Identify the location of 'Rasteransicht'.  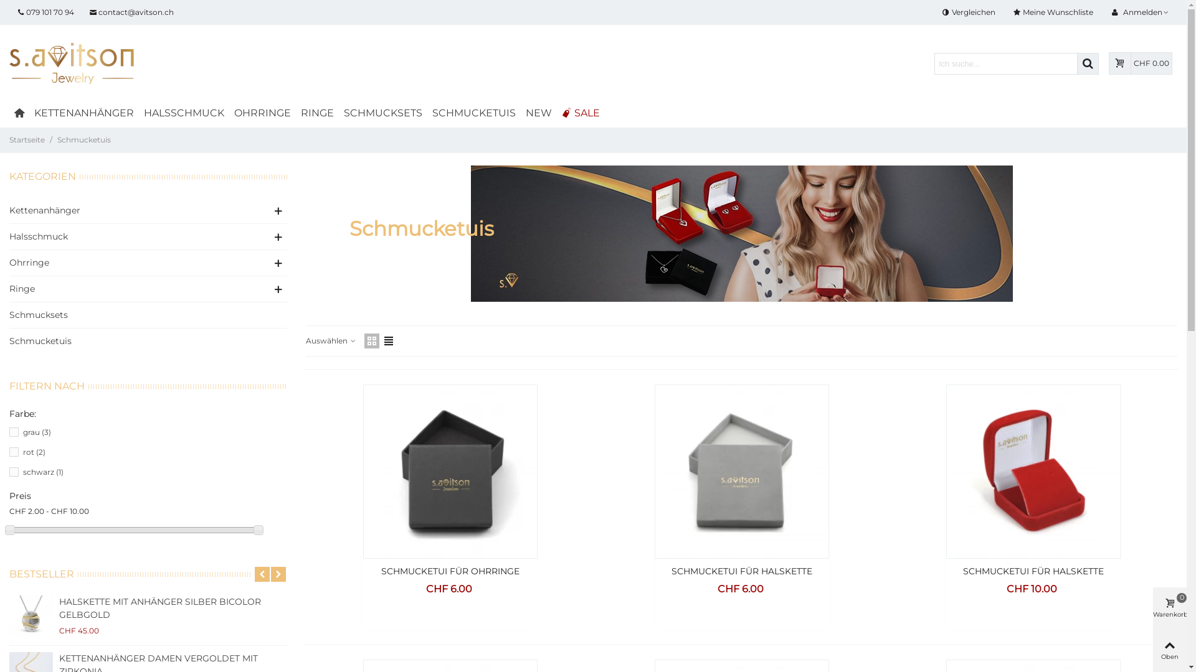
(371, 340).